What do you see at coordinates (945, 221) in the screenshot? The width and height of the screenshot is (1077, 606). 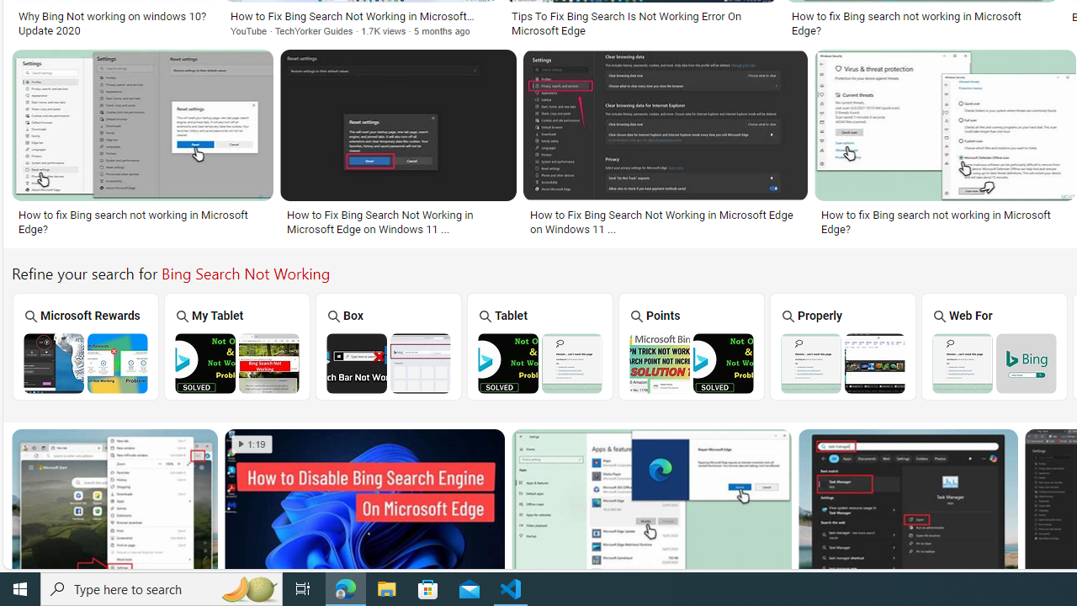 I see `'How to fix Bing search not working in Microsoft Edge?'` at bounding box center [945, 221].